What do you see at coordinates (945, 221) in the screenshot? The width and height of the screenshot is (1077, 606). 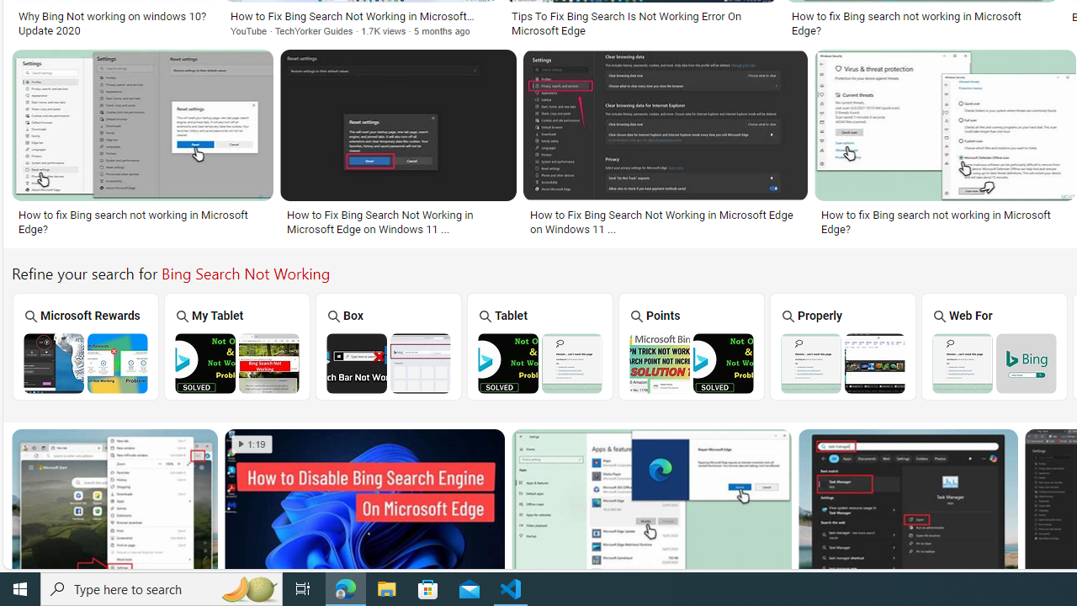 I see `'How to fix Bing search not working in Microsoft Edge?'` at bounding box center [945, 221].